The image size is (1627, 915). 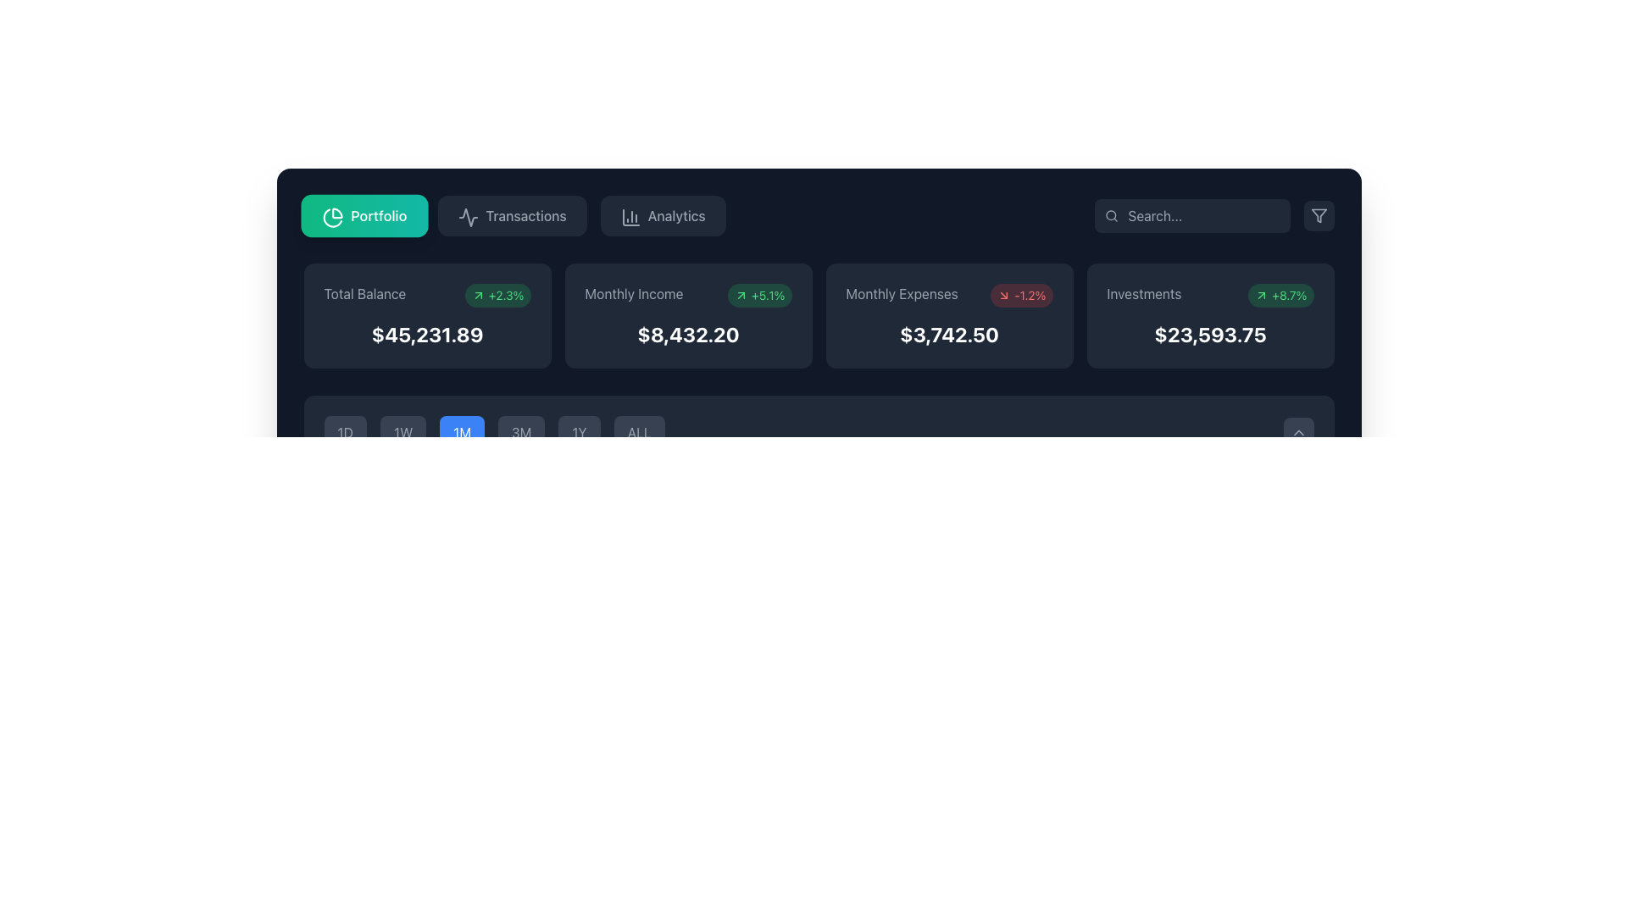 What do you see at coordinates (662, 214) in the screenshot?
I see `the 'Analytics' button, which has a dark gray background and features the text 'Analytics' aligned to the right of a chart icon` at bounding box center [662, 214].